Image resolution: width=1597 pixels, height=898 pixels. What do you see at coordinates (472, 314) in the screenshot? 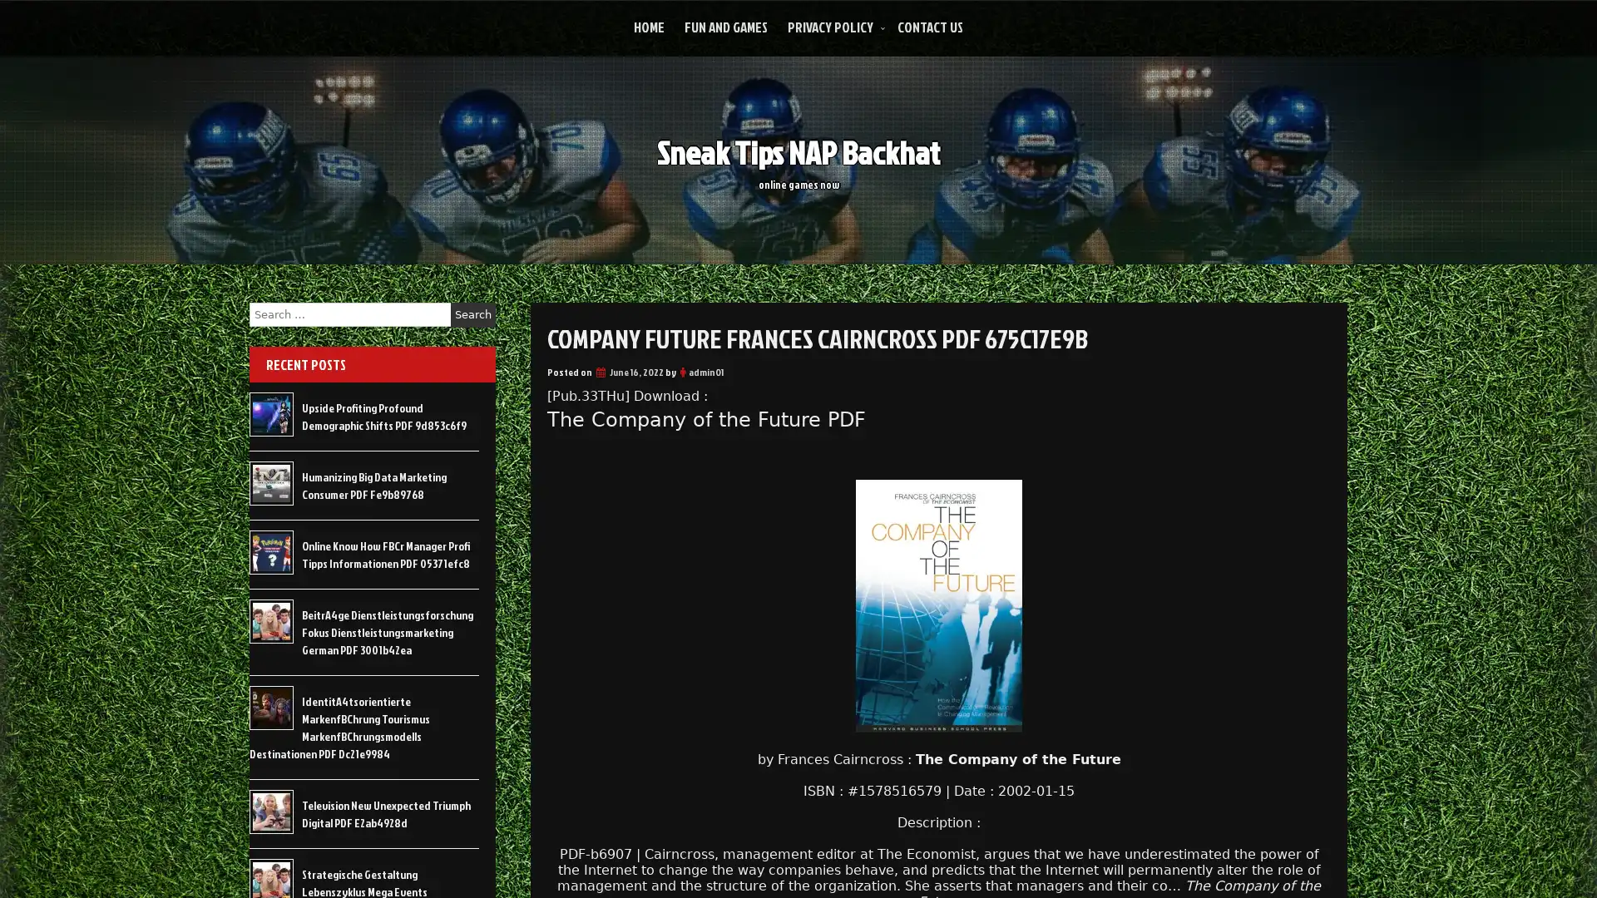
I see `Search` at bounding box center [472, 314].